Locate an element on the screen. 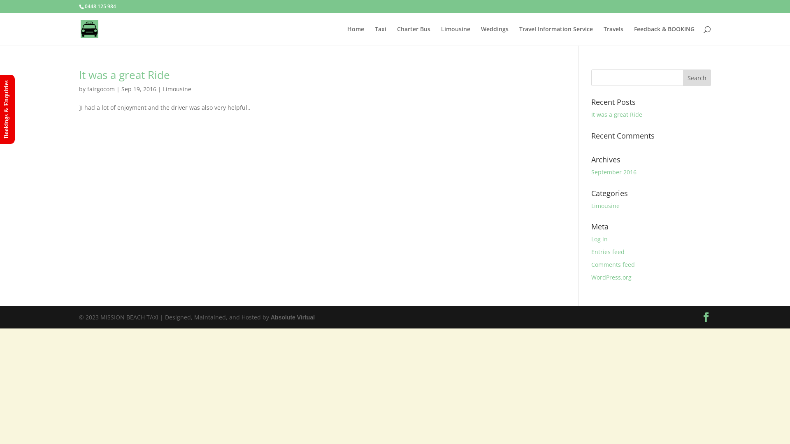  'It was a great Ride' is located at coordinates (616, 114).